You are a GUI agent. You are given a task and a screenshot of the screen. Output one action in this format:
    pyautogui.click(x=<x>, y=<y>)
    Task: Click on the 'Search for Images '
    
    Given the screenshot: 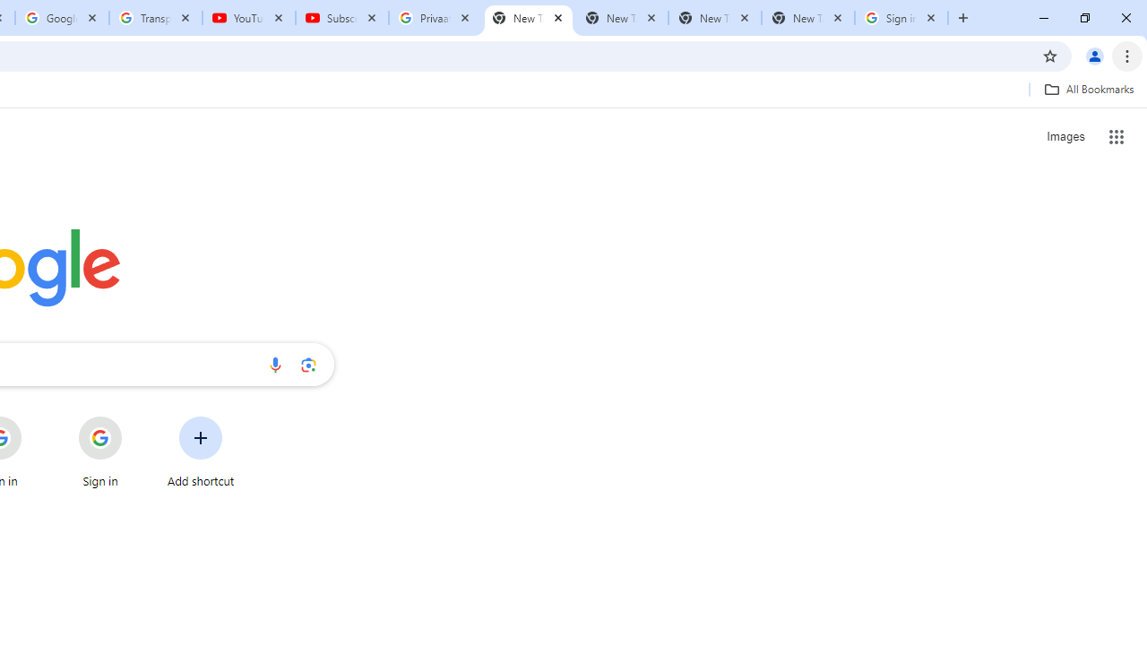 What is the action you would take?
    pyautogui.click(x=1065, y=136)
    